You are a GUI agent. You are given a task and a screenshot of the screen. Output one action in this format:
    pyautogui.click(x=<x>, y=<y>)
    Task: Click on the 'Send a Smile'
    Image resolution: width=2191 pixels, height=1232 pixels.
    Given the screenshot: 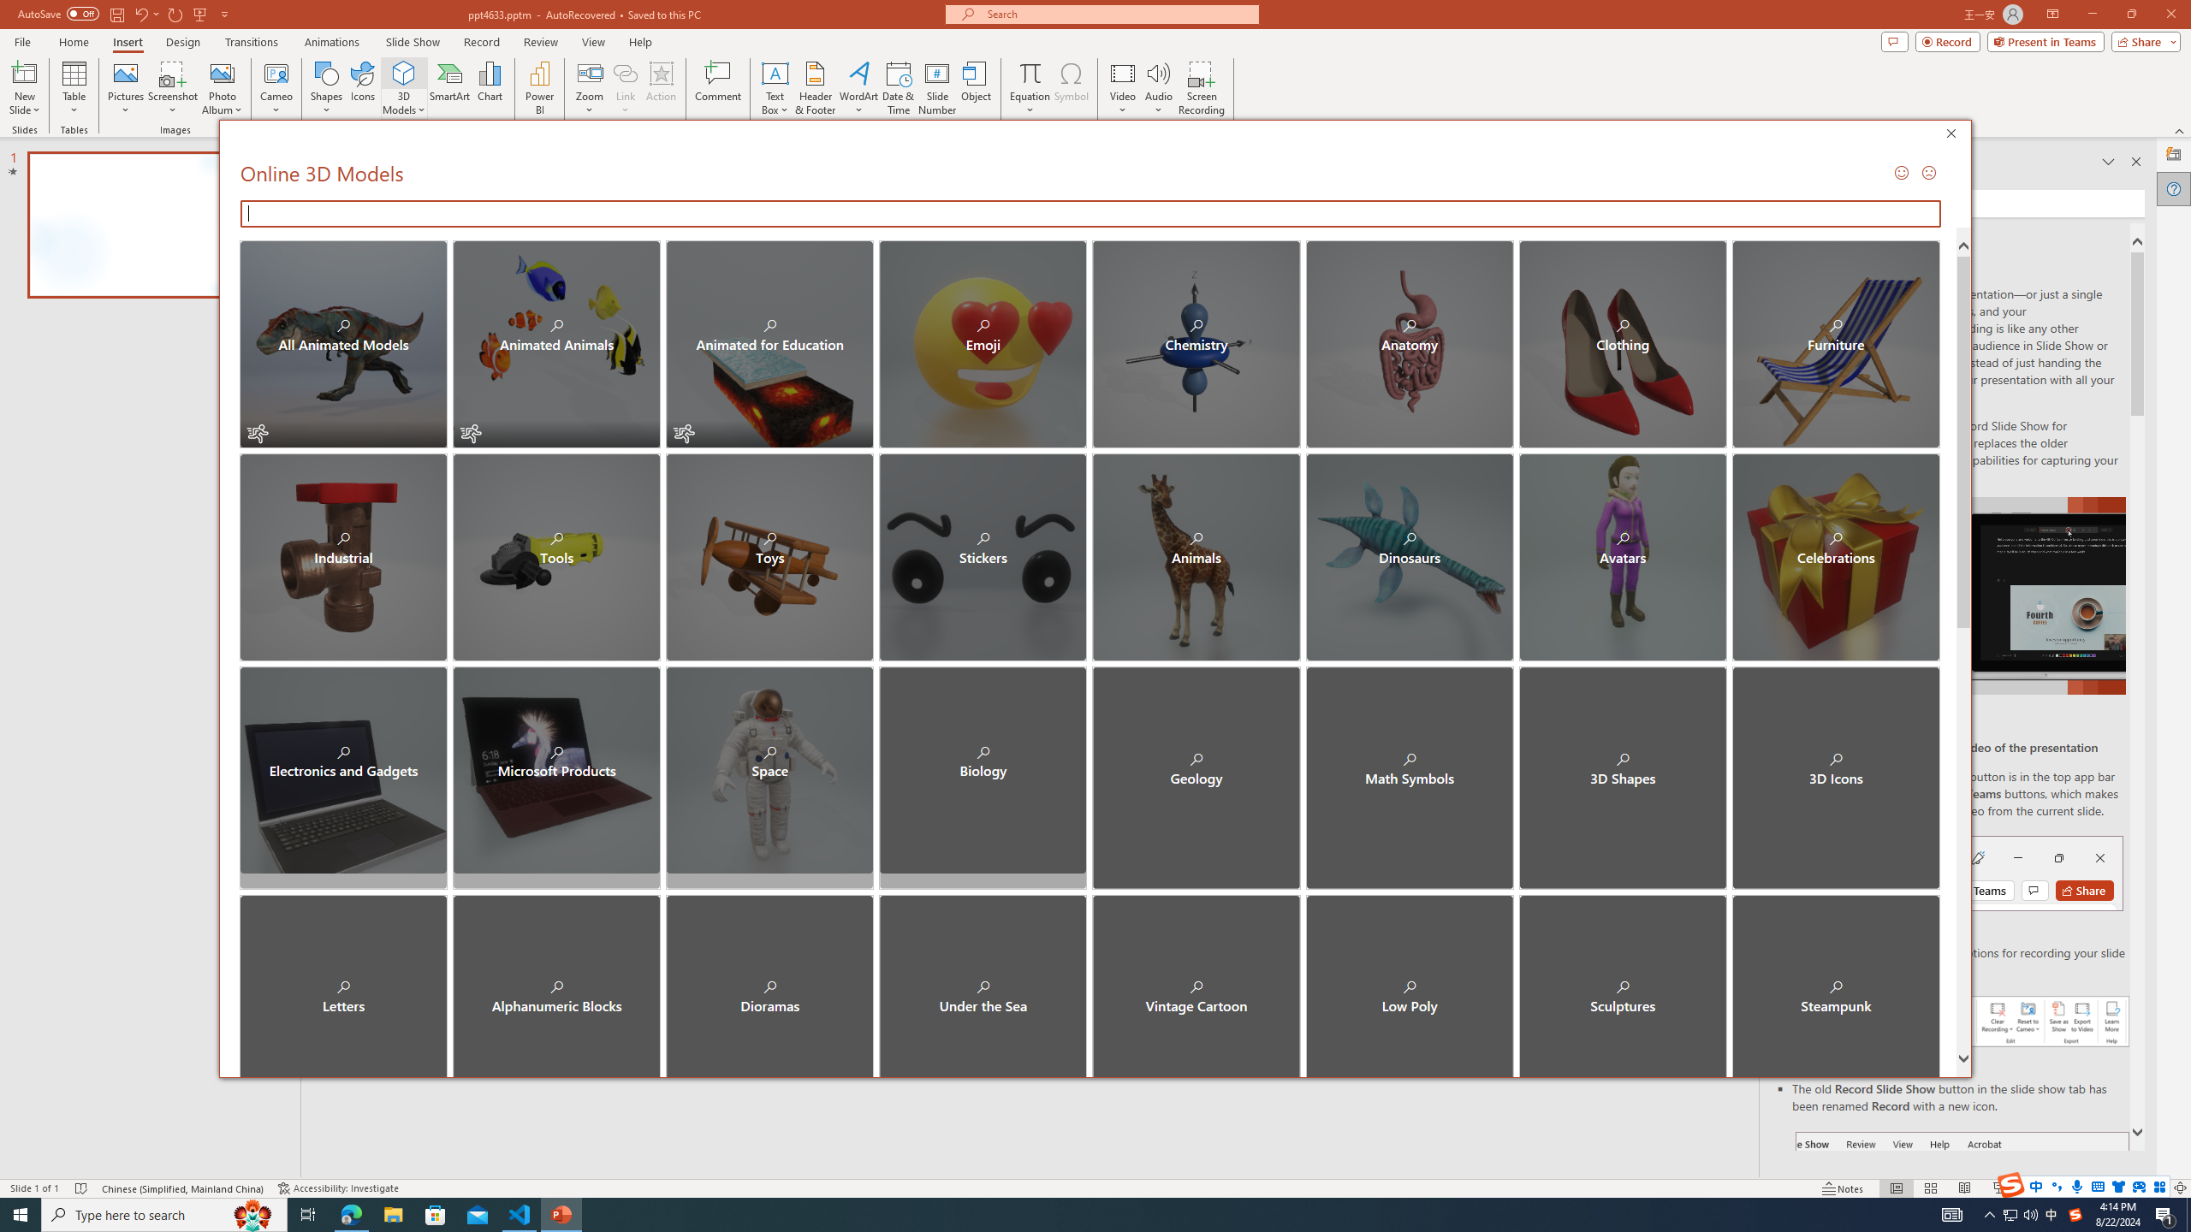 What is the action you would take?
    pyautogui.click(x=1898, y=171)
    